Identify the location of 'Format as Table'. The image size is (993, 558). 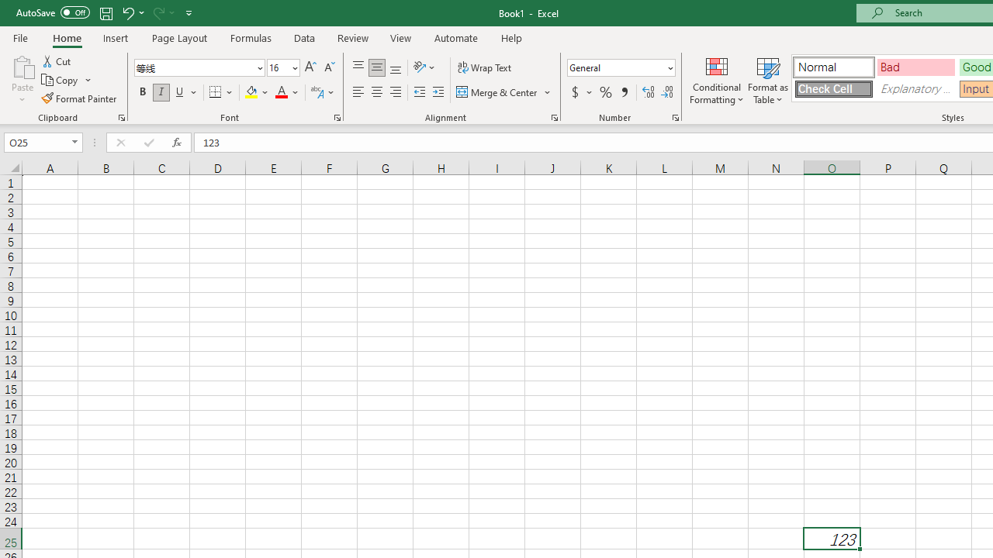
(768, 80).